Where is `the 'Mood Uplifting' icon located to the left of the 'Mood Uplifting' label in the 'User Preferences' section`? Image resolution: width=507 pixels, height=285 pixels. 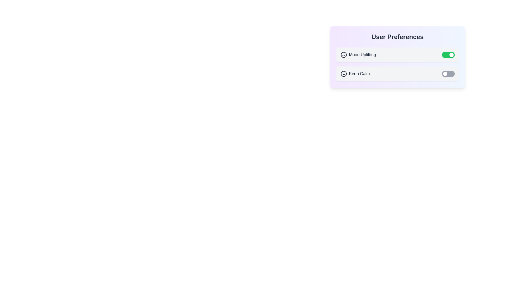
the 'Mood Uplifting' icon located to the left of the 'Mood Uplifting' label in the 'User Preferences' section is located at coordinates (344, 55).